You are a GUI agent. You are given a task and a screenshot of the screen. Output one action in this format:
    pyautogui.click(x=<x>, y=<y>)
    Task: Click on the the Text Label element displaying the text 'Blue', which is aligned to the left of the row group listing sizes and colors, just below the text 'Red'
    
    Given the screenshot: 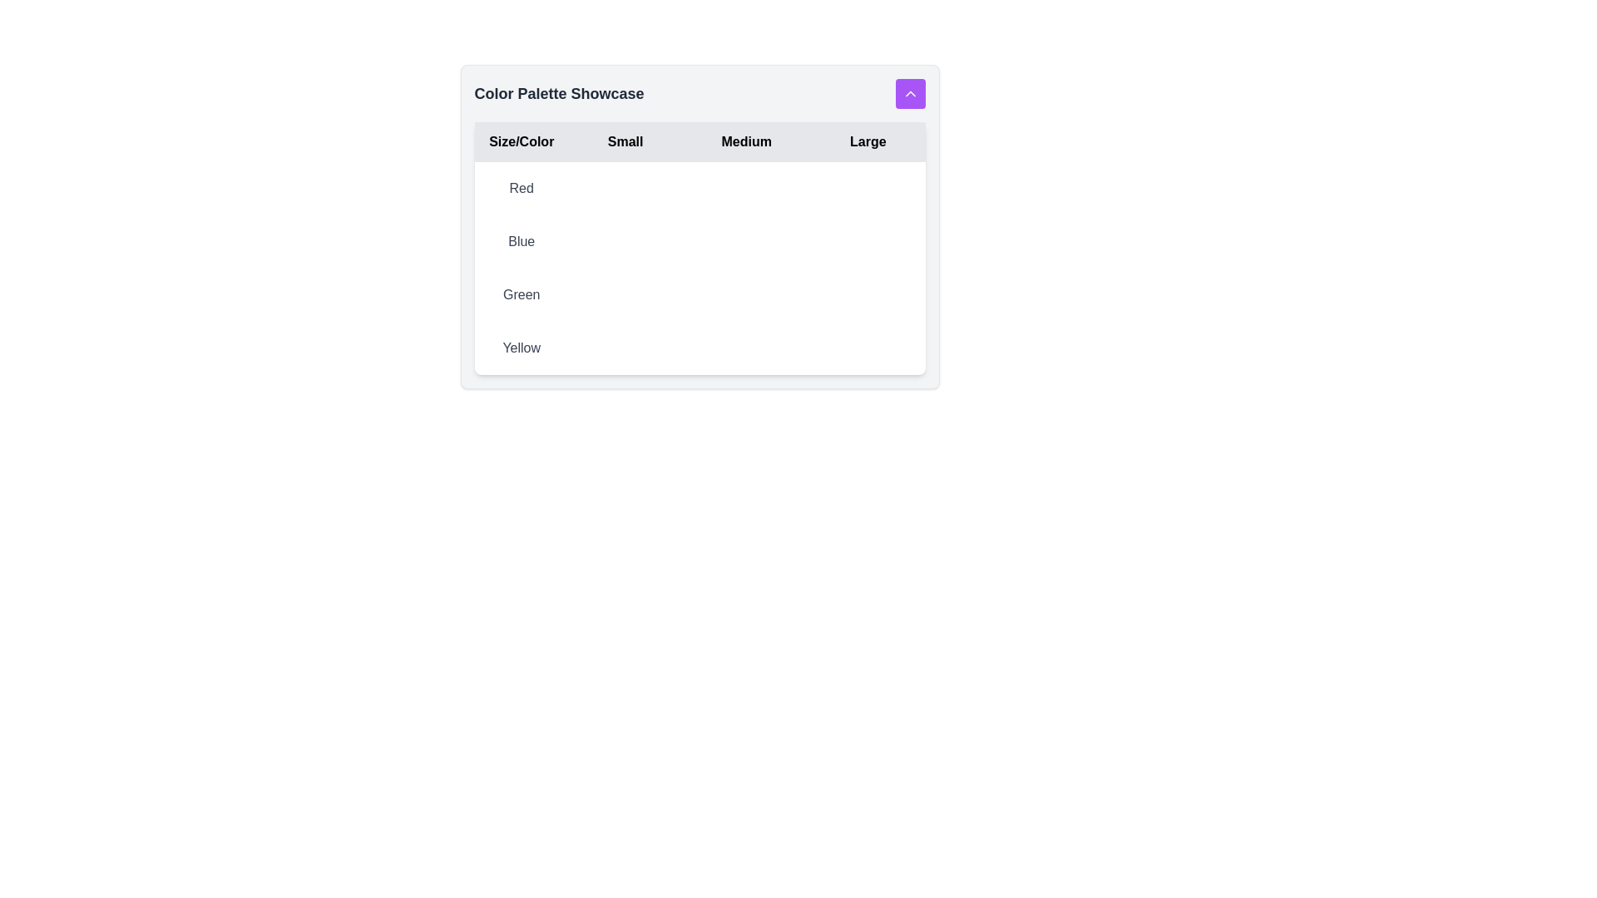 What is the action you would take?
    pyautogui.click(x=521, y=241)
    